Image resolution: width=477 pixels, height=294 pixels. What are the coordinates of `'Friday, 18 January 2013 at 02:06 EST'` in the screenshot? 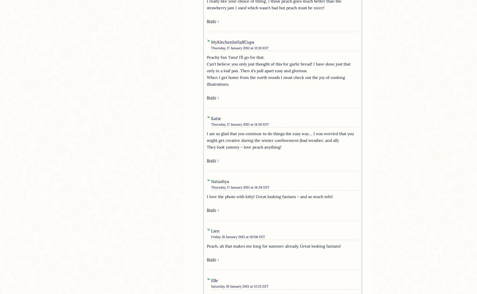 It's located at (237, 236).